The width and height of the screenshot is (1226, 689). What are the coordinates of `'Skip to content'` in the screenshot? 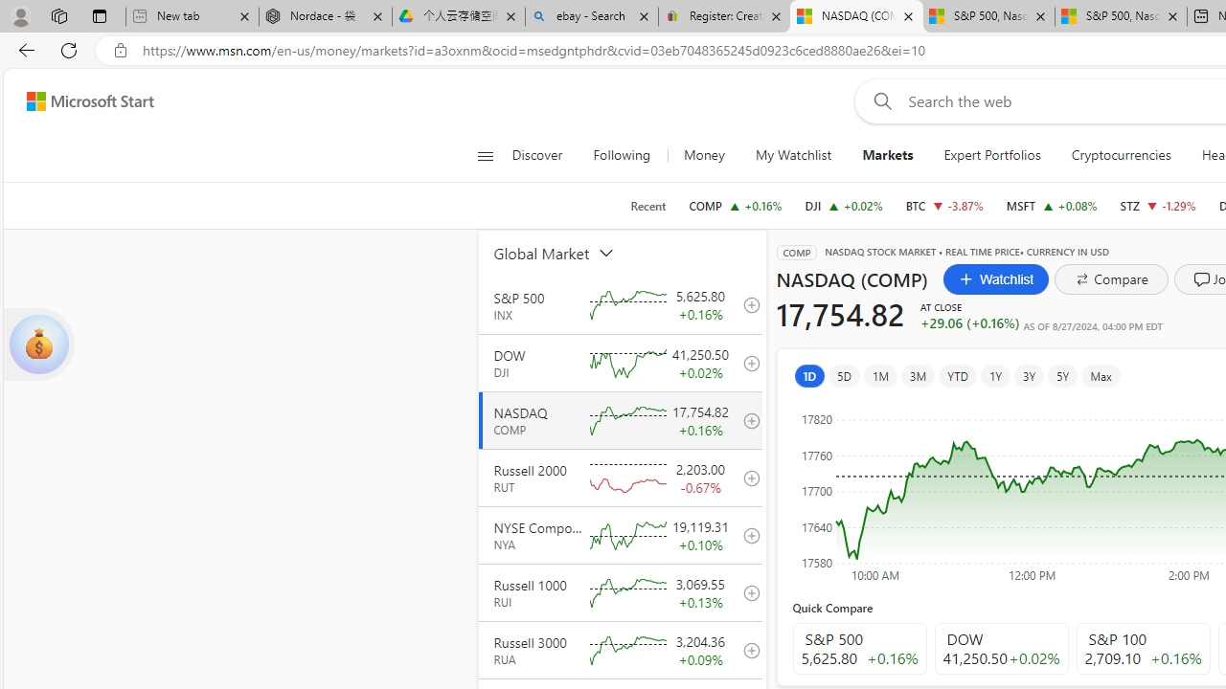 It's located at (82, 100).